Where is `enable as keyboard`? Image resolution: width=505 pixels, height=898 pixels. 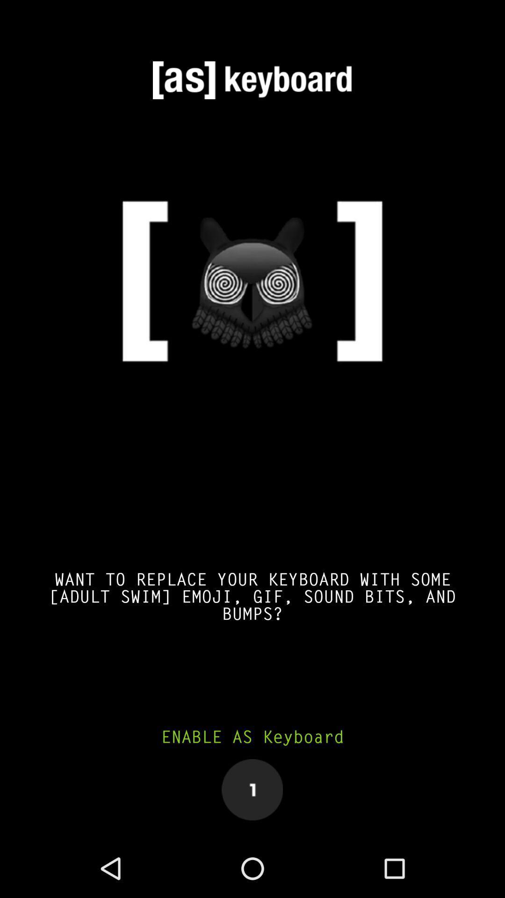 enable as keyboard is located at coordinates (252, 737).